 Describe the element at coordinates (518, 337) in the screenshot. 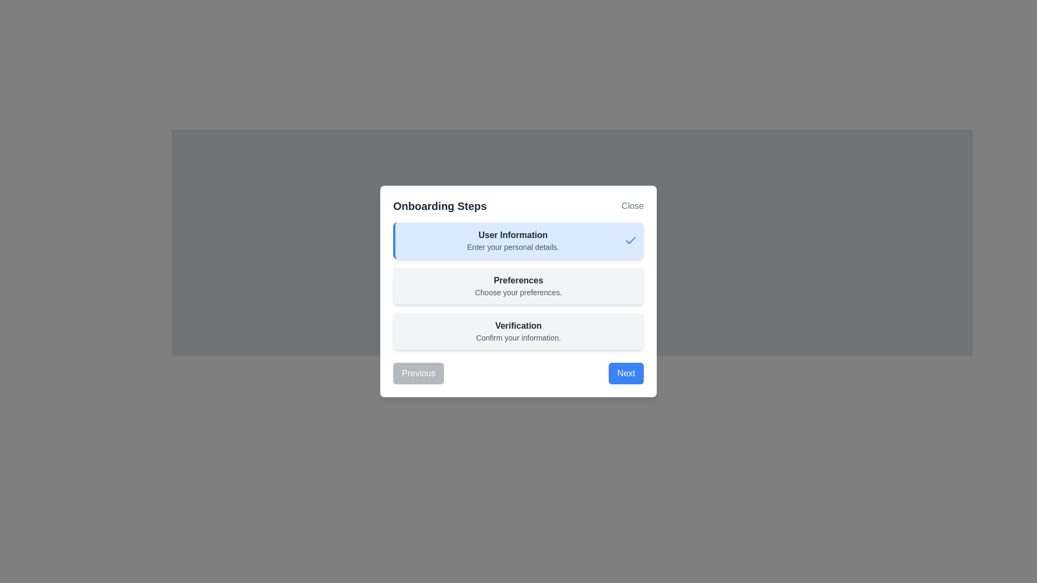

I see `the informative text label related to the 'Verification' step in the onboarding process, which is located below the 'Verification' heading in the modal window` at that location.